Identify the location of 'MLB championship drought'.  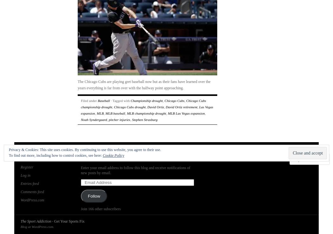
(146, 113).